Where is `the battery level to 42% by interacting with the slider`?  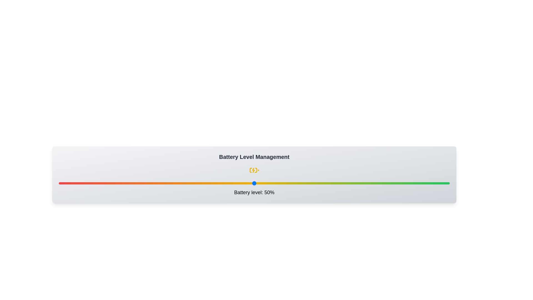
the battery level to 42% by interacting with the slider is located at coordinates (223, 183).